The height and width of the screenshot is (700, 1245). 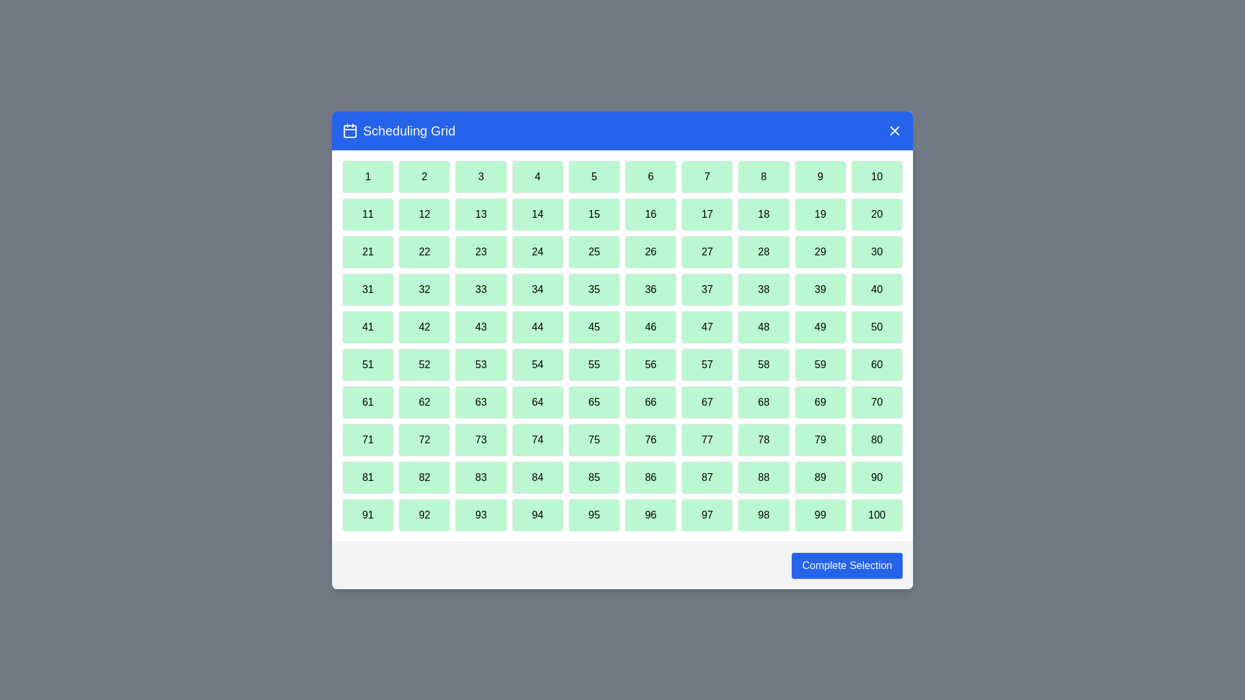 I want to click on the close icon in the header to close the dialog, so click(x=894, y=130).